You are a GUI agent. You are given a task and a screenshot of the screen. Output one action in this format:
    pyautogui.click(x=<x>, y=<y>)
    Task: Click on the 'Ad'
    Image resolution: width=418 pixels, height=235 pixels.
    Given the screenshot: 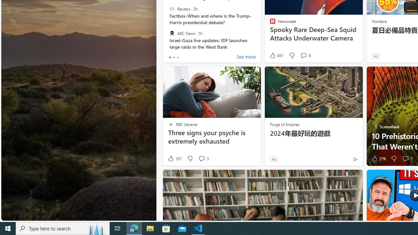 What is the action you would take?
    pyautogui.click(x=274, y=159)
    